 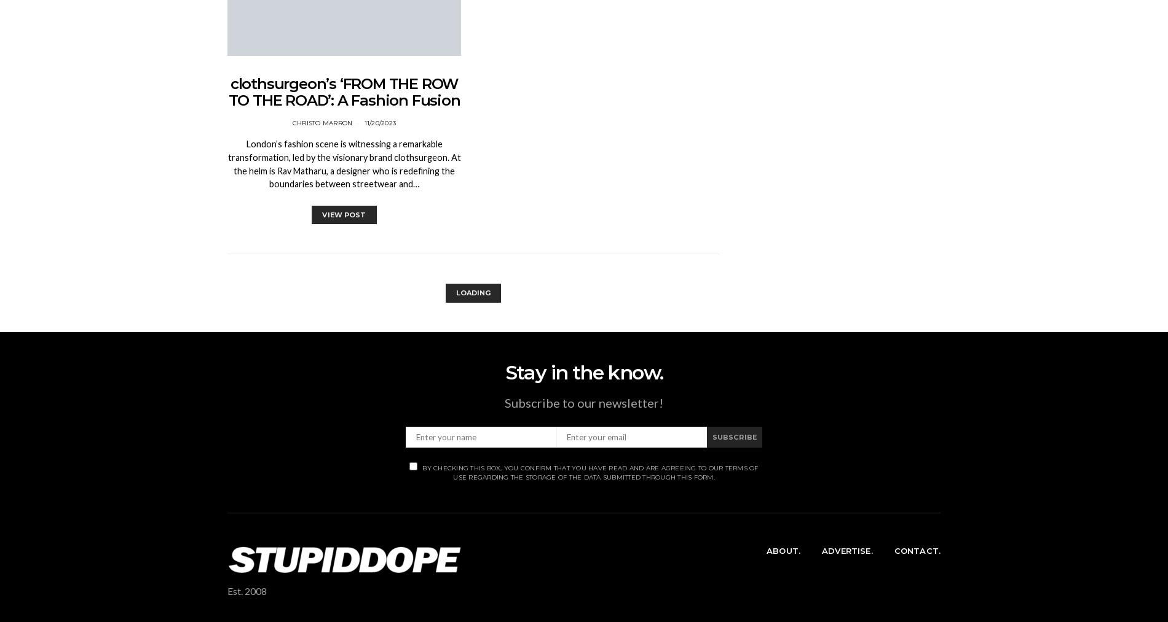 What do you see at coordinates (503, 371) in the screenshot?
I see `'Stay in the know.'` at bounding box center [503, 371].